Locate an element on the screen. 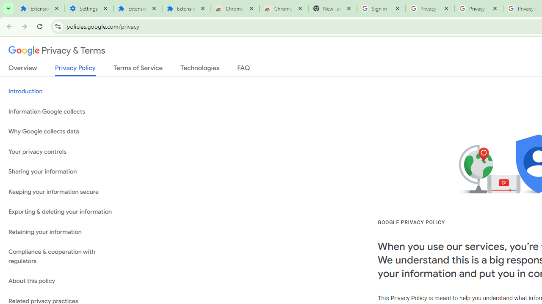  'Your privacy controls' is located at coordinates (64, 151).